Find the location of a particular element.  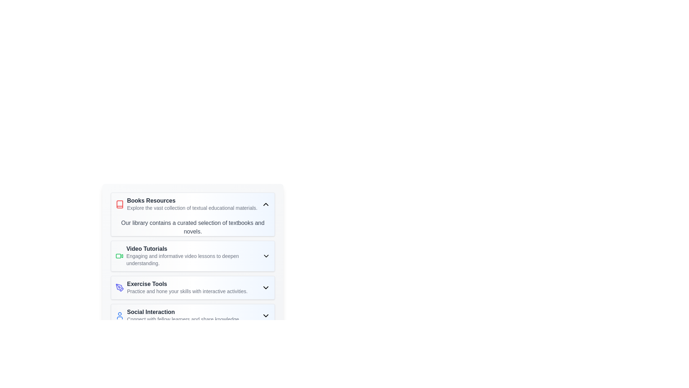

the Expandable section header is located at coordinates (193, 204).